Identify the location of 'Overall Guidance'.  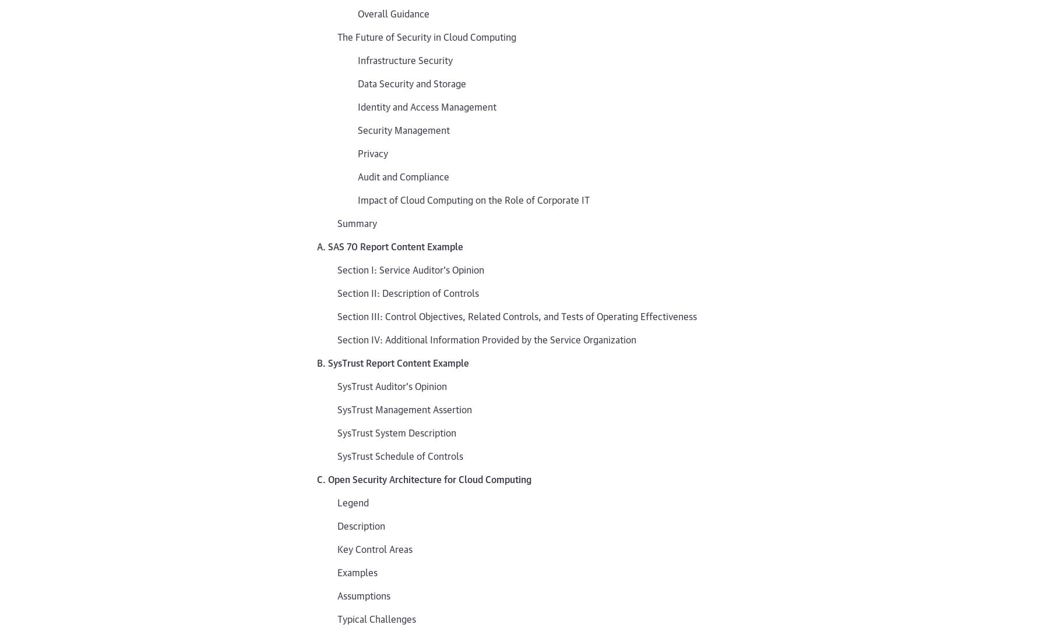
(358, 13).